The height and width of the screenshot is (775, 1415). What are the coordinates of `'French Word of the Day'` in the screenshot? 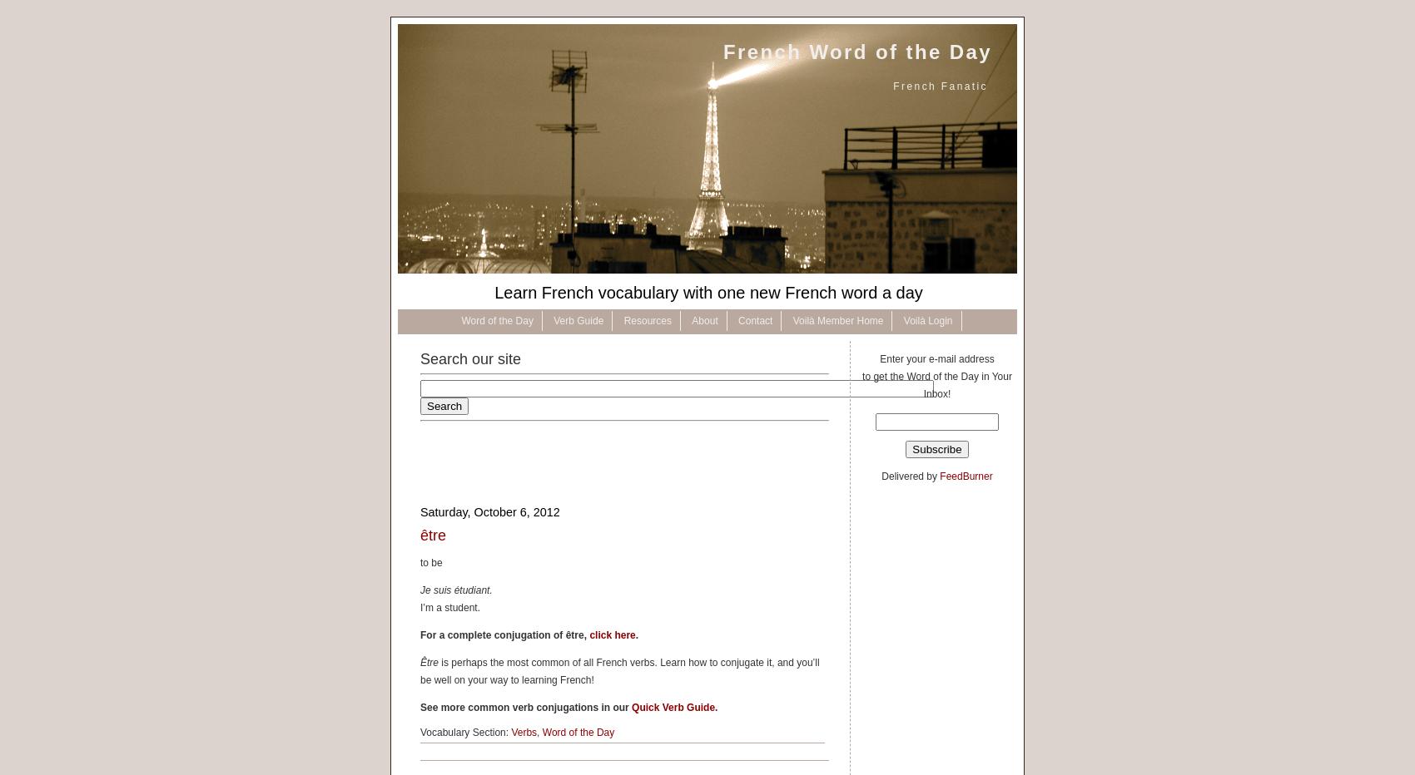 It's located at (856, 52).